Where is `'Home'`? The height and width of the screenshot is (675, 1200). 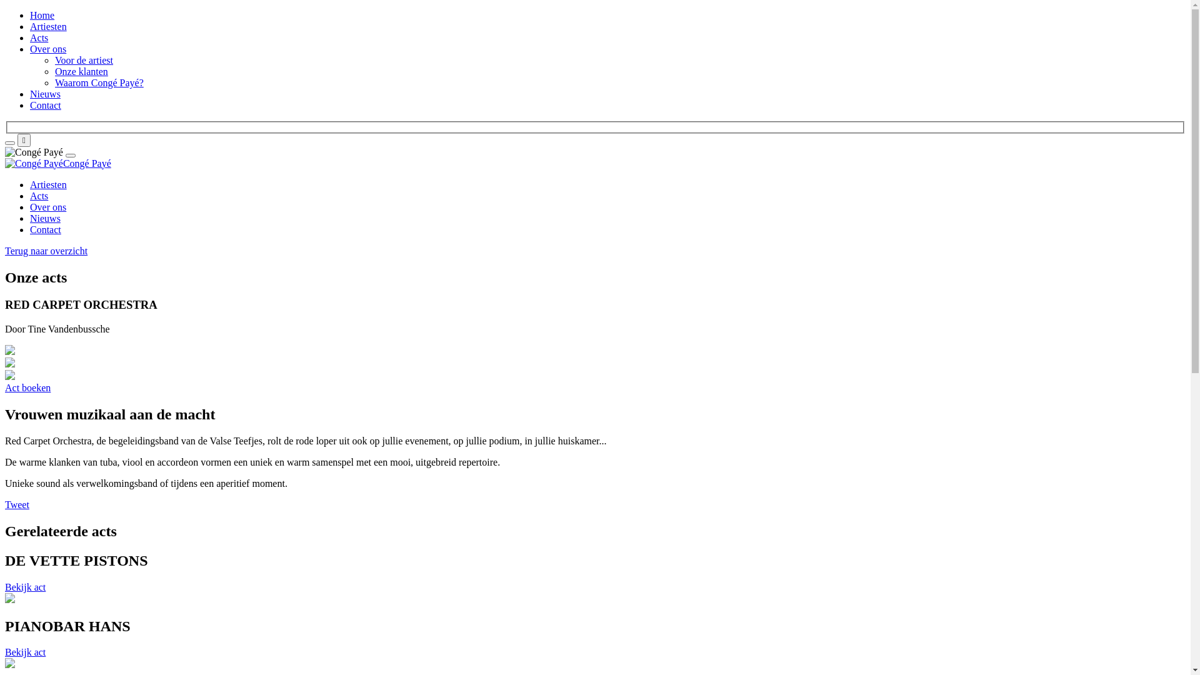 'Home' is located at coordinates (42, 15).